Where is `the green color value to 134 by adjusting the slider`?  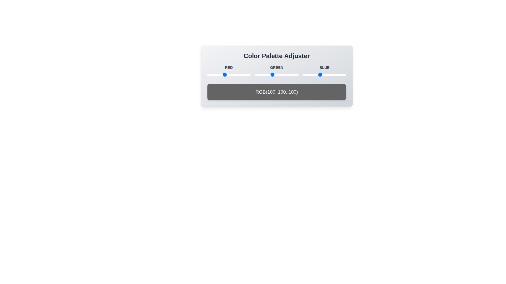 the green color value to 134 by adjusting the slider is located at coordinates (278, 75).